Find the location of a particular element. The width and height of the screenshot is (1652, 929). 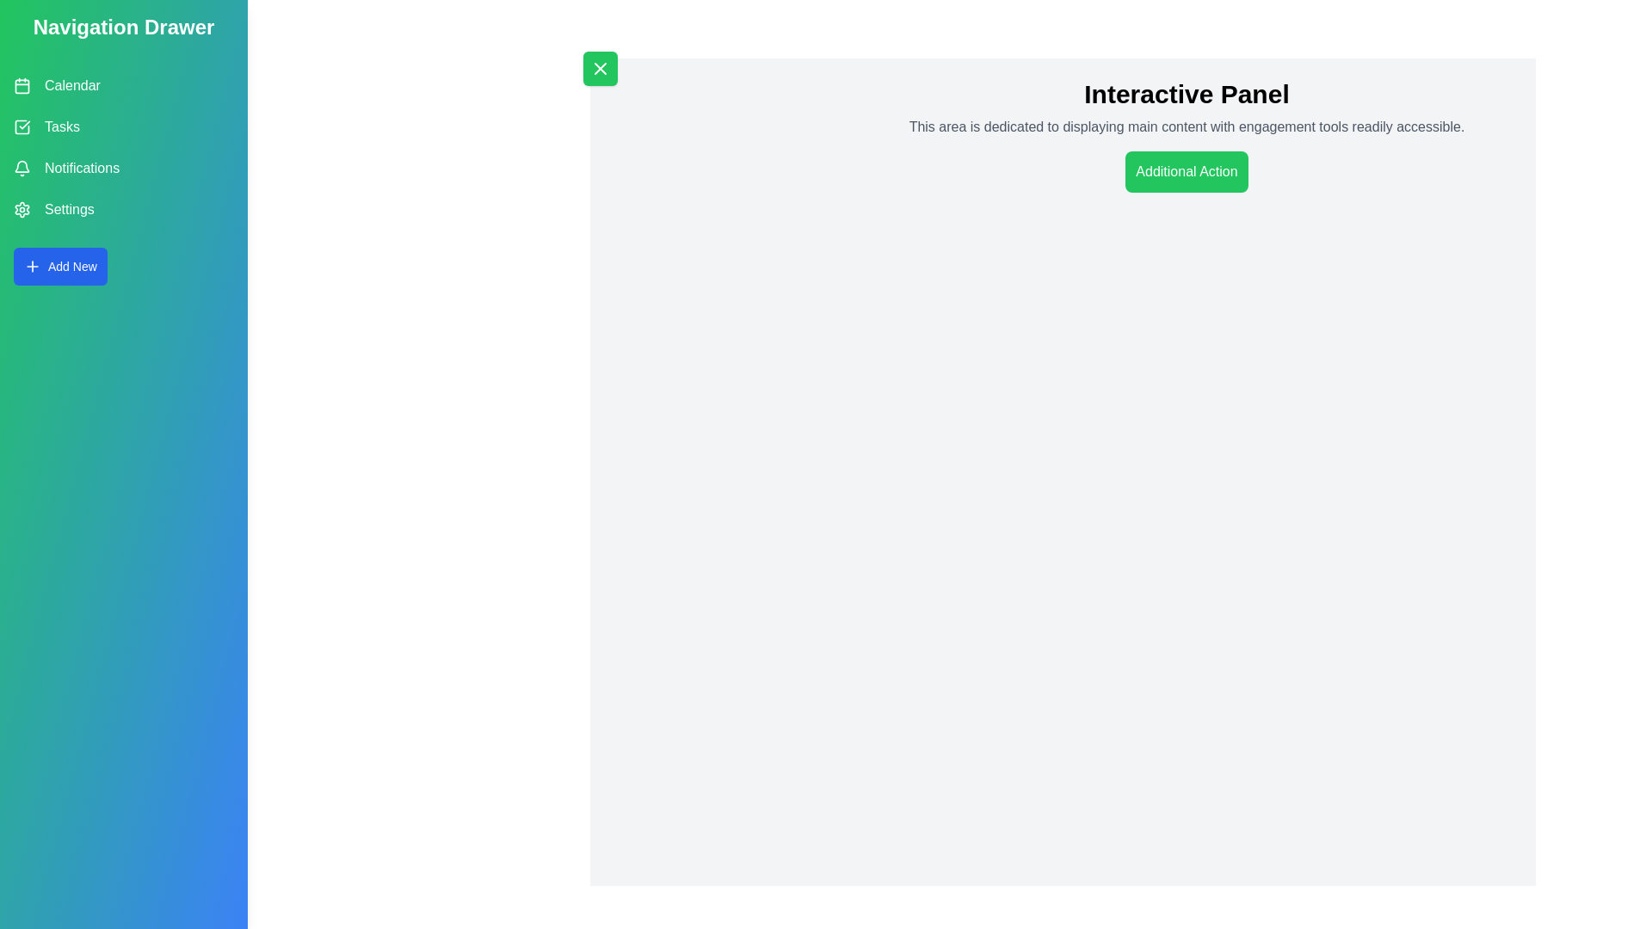

the close button located in the top right corner of the interactive panel area, which is contained within a green, rounded rectangle is located at coordinates (600, 68).